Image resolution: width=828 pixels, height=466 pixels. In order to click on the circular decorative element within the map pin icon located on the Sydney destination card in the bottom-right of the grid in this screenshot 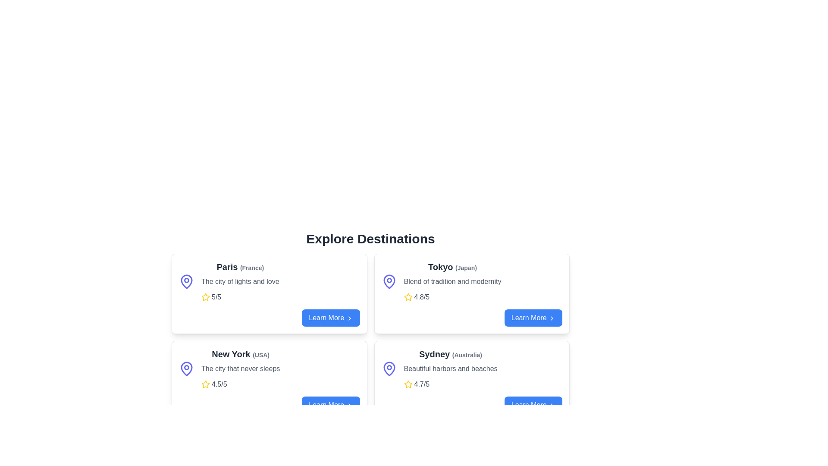, I will do `click(389, 368)`.